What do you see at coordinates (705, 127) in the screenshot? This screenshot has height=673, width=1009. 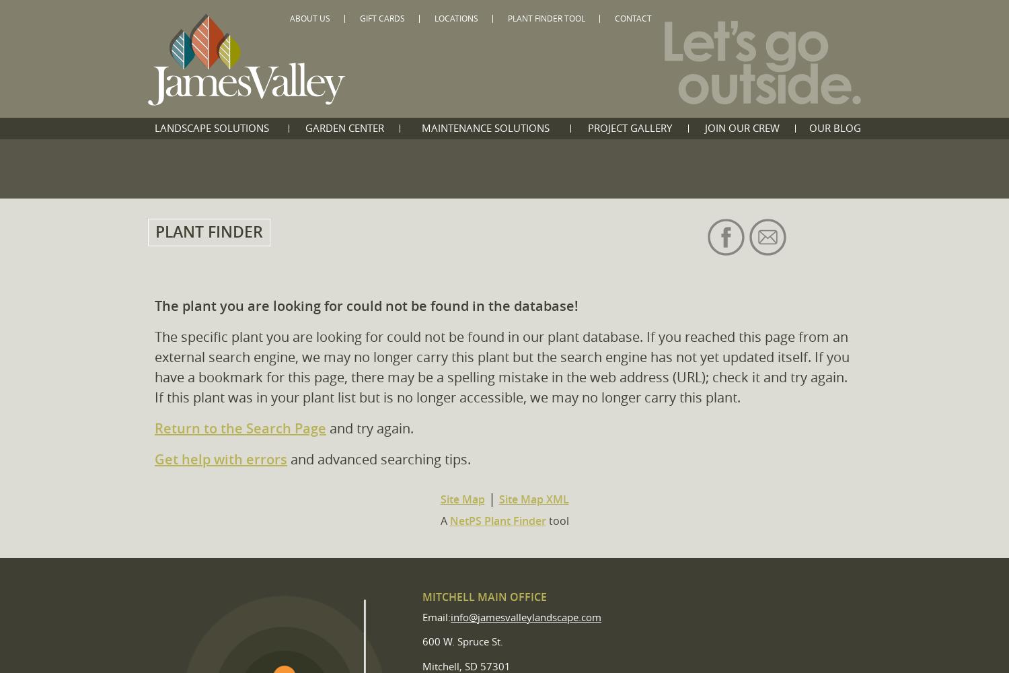 I see `'Join Our Crew'` at bounding box center [705, 127].